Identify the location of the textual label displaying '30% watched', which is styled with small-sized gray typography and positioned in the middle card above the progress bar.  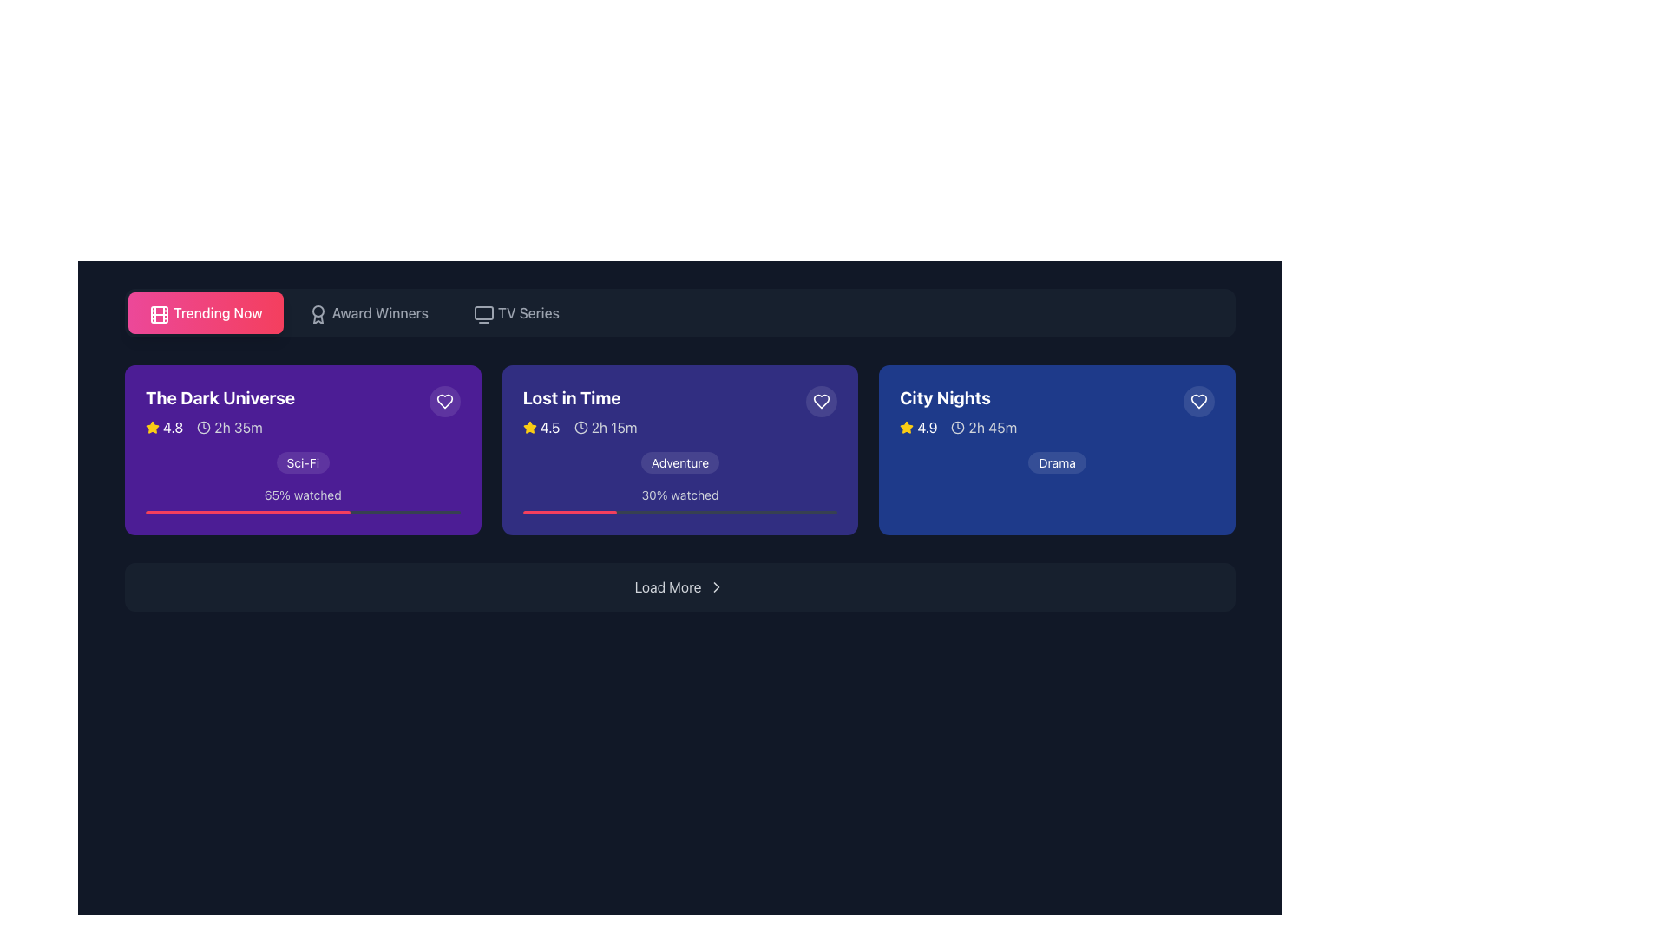
(679, 495).